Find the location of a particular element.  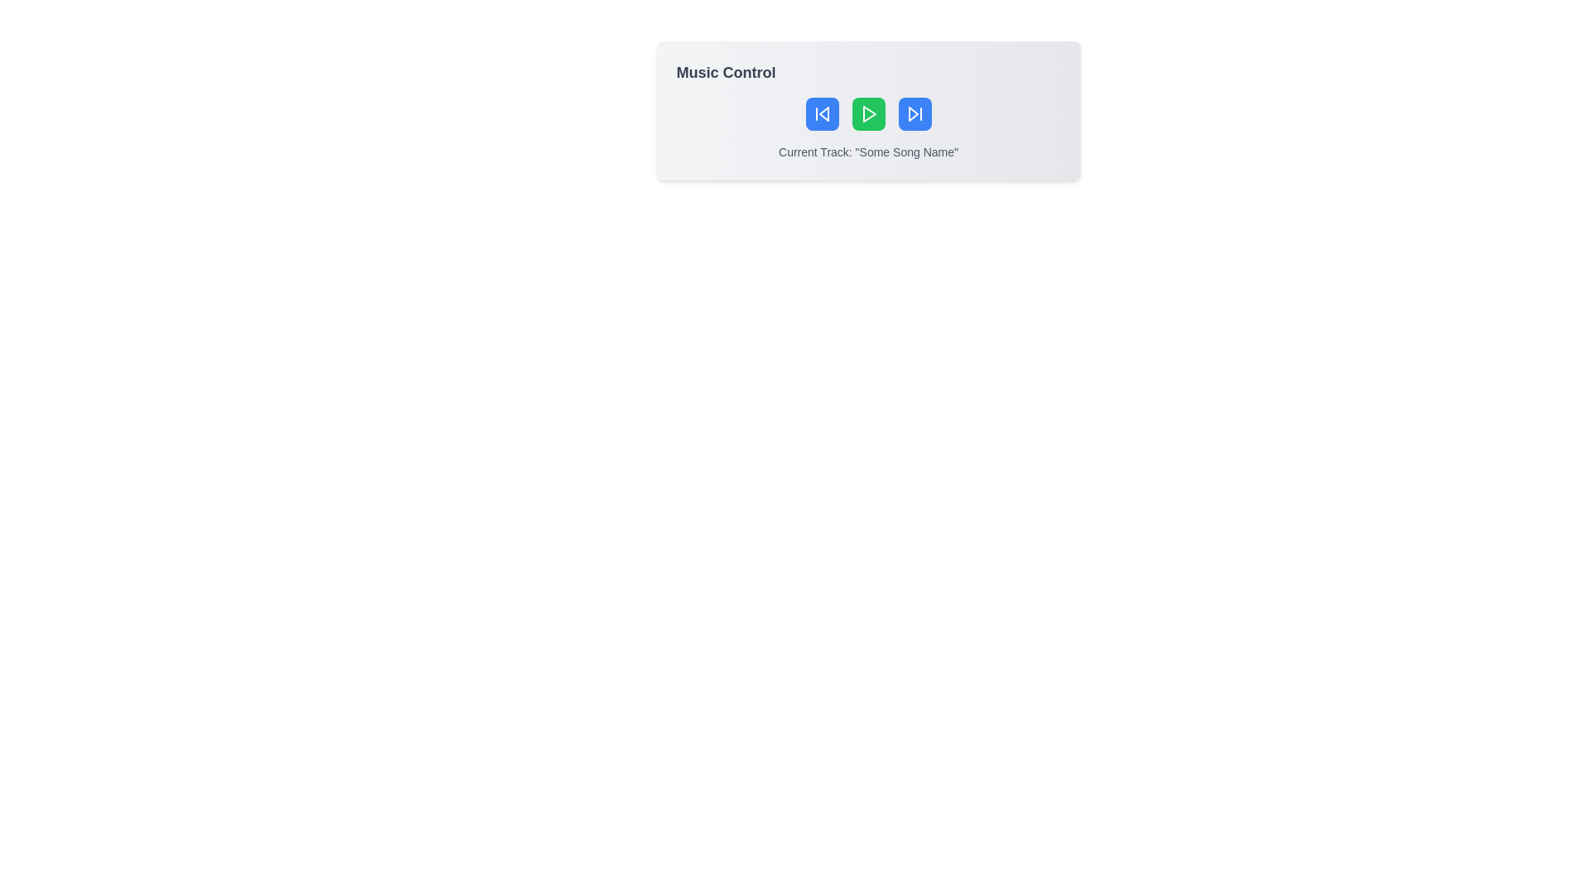

the backward skip icon button, which is the leftmost button in the Music Control section, to skip to the previous track is located at coordinates (822, 113).